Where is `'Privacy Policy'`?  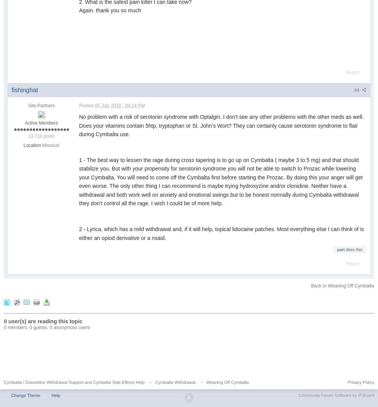 'Privacy Policy' is located at coordinates (348, 382).